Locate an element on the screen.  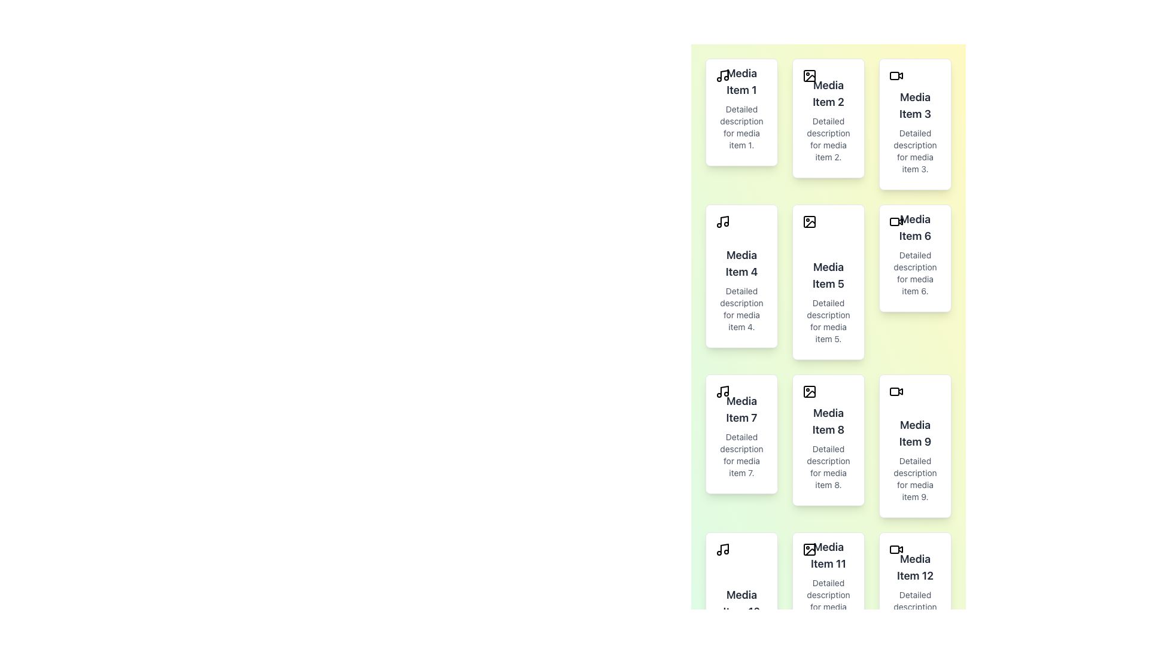
on the music or audio category icon located at the top left corner of the first media card titled 'Media Item 1' is located at coordinates (722, 76).